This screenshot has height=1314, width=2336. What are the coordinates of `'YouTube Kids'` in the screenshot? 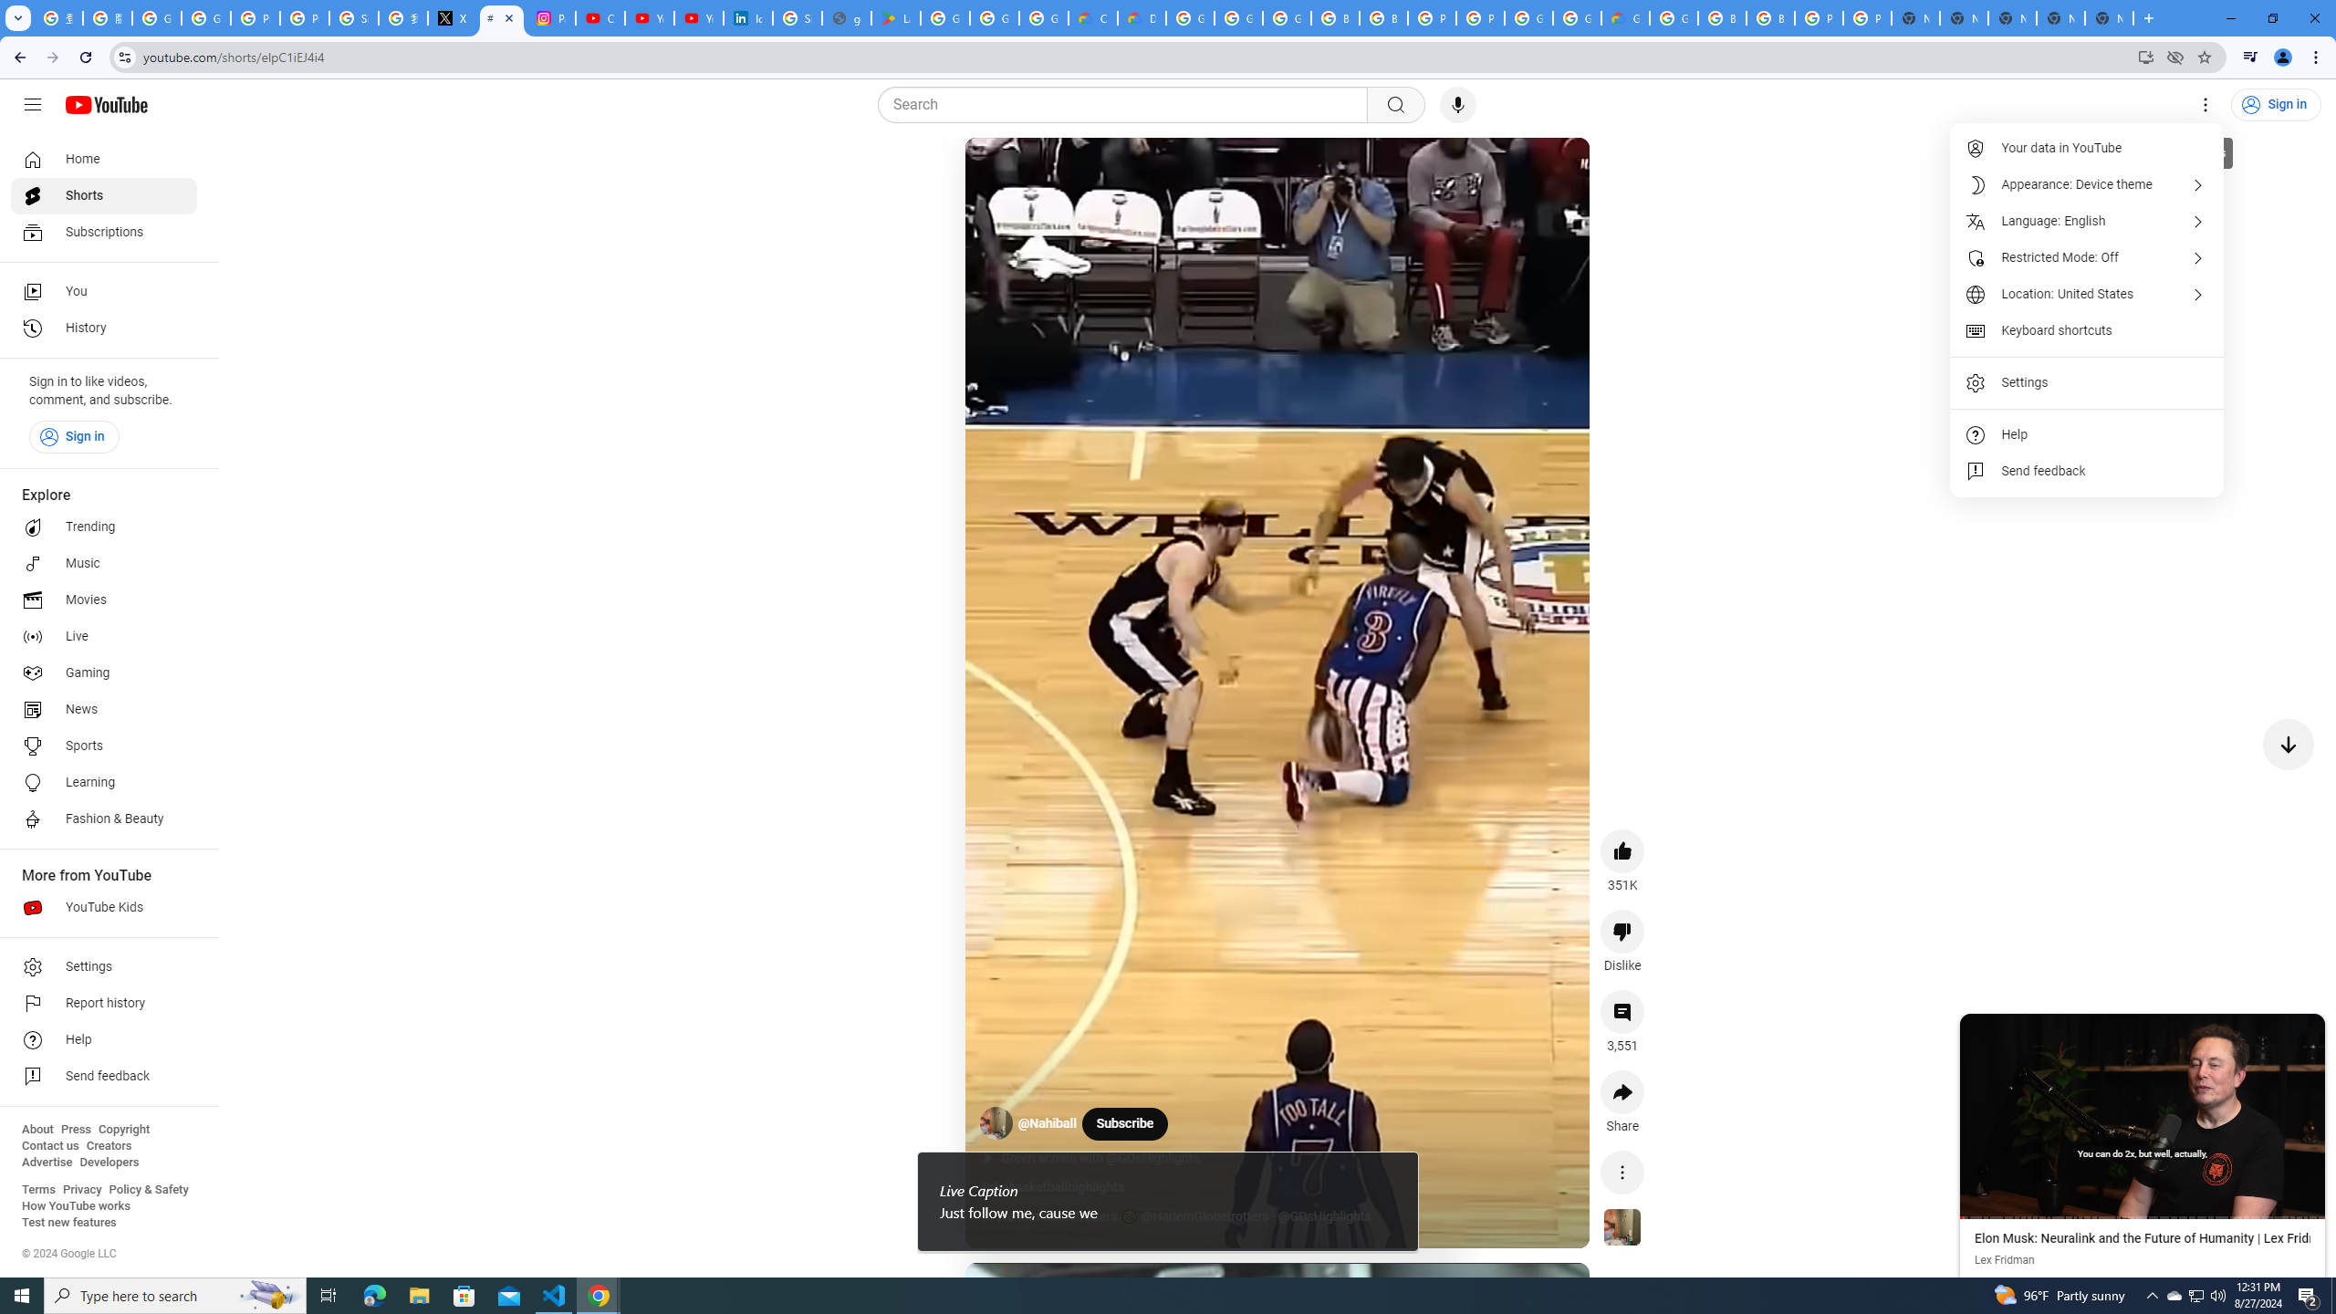 It's located at (103, 908).